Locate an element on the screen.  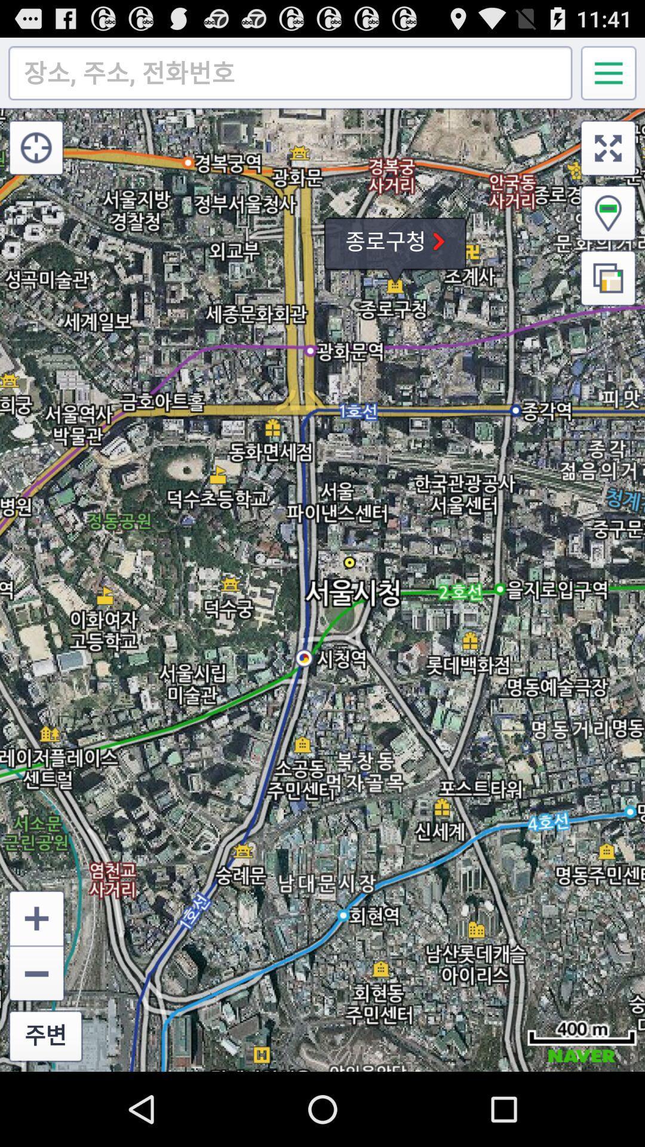
icon at the center is located at coordinates (322, 554).